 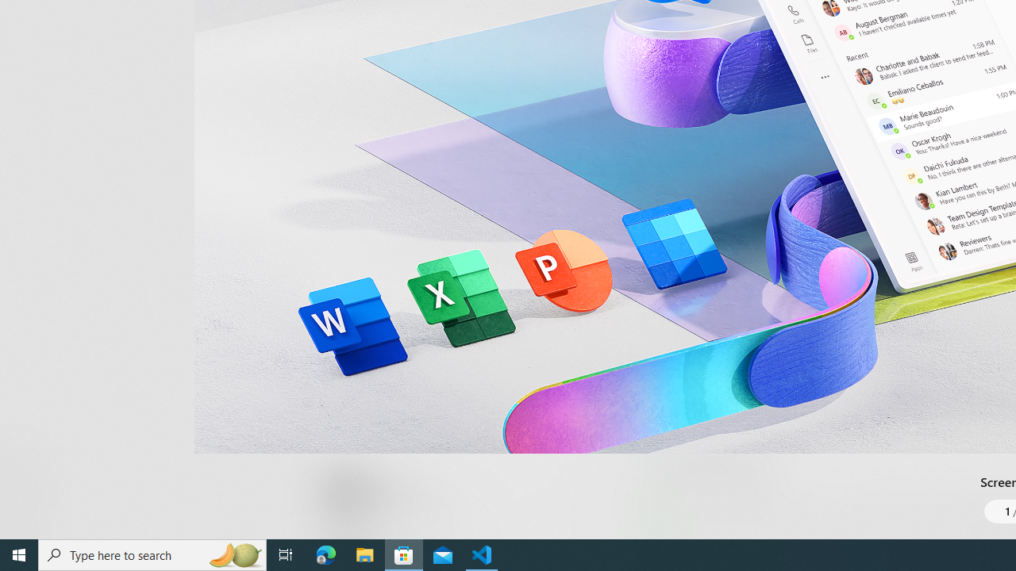 What do you see at coordinates (666, 164) in the screenshot?
I see `'Show all ratings and reviews'` at bounding box center [666, 164].